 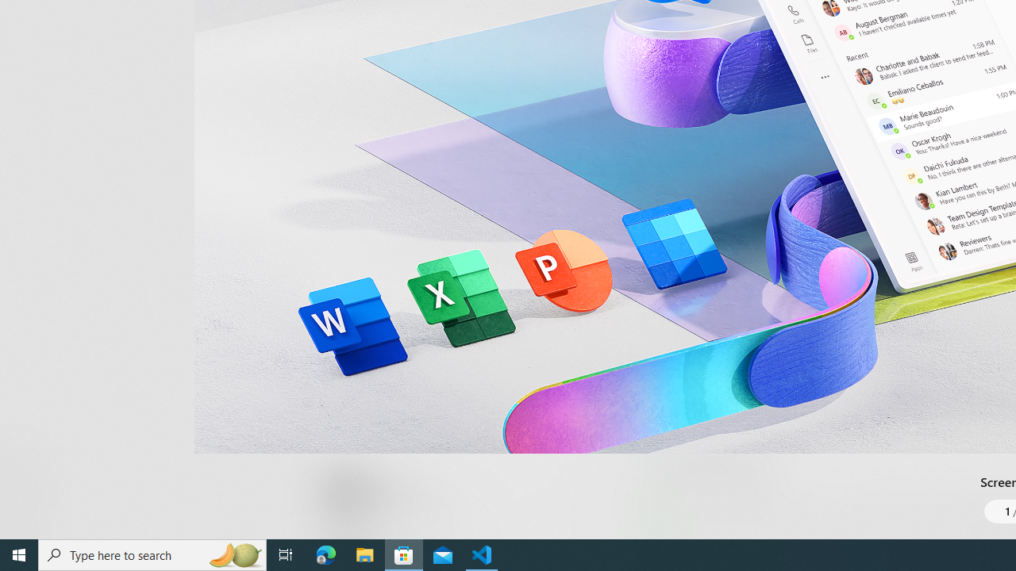 What do you see at coordinates (666, 164) in the screenshot?
I see `'Show all ratings and reviews'` at bounding box center [666, 164].